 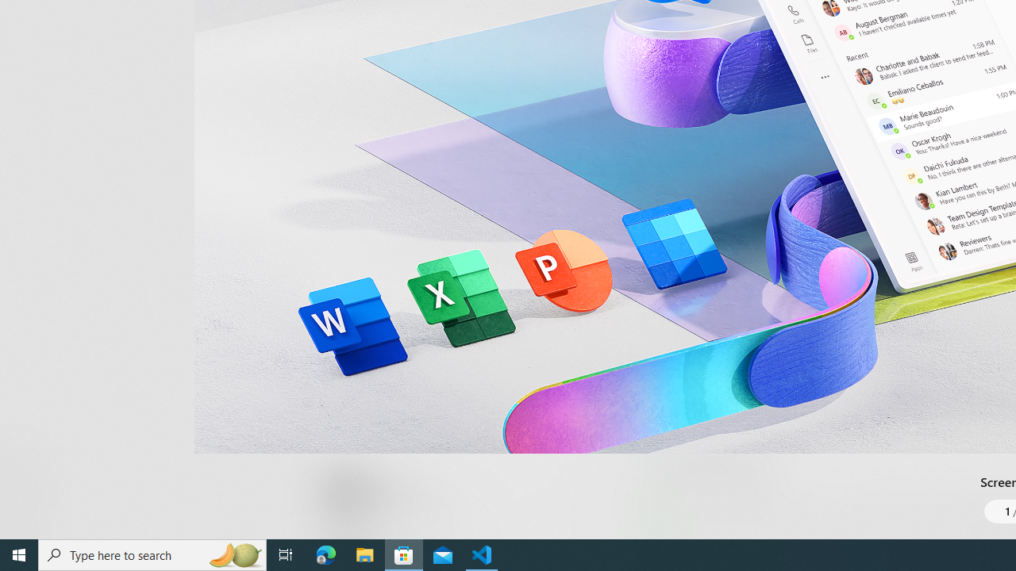 What do you see at coordinates (666, 164) in the screenshot?
I see `'Show all ratings and reviews'` at bounding box center [666, 164].